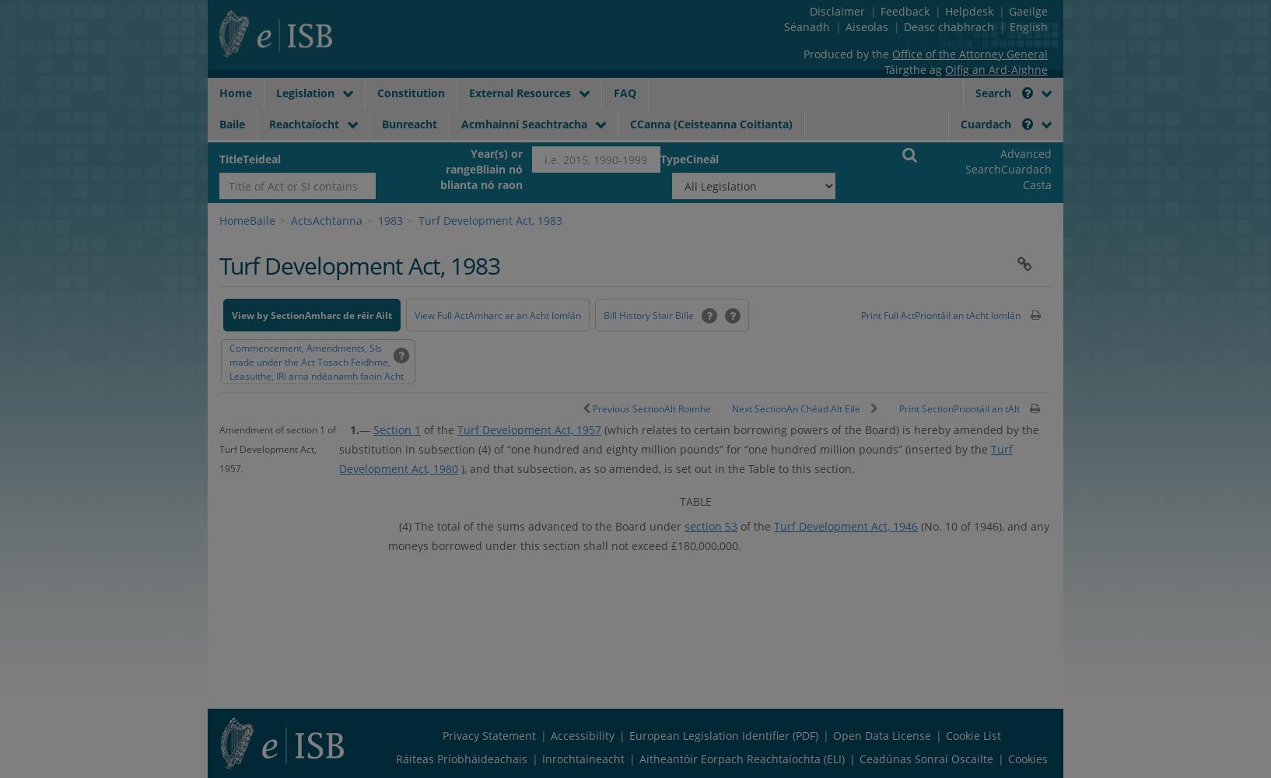  What do you see at coordinates (890, 53) in the screenshot?
I see `'Office of the Attorney General'` at bounding box center [890, 53].